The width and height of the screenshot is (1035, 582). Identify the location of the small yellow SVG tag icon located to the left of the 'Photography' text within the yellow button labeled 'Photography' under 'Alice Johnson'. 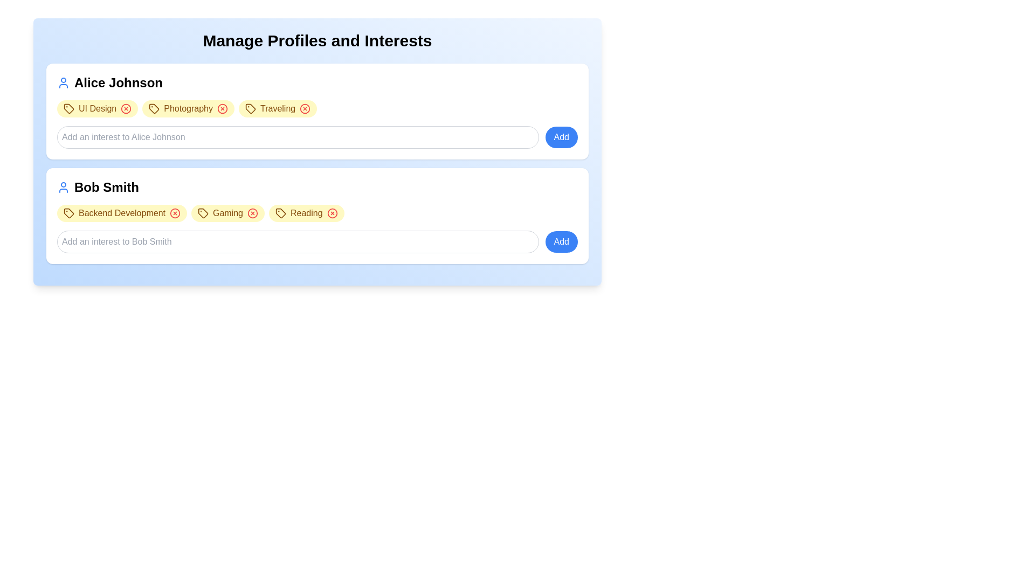
(154, 108).